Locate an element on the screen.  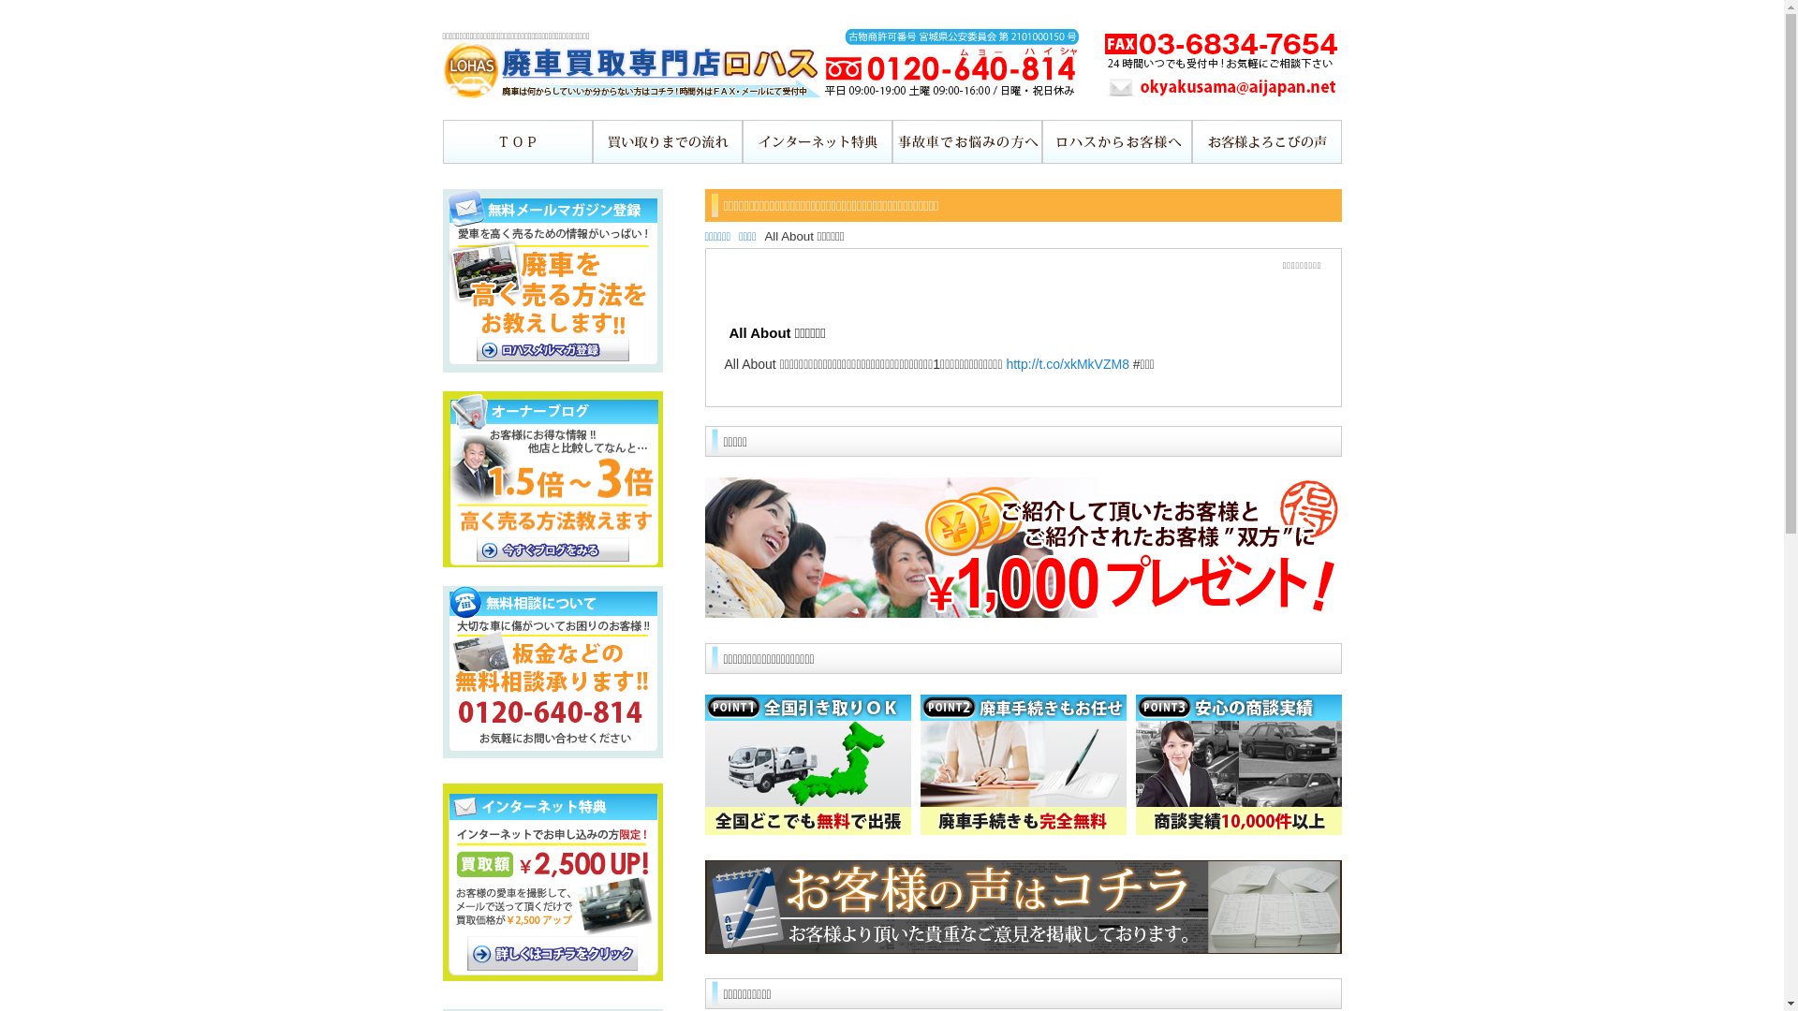
'http://t.co/xkMkVZM8' is located at coordinates (1067, 364).